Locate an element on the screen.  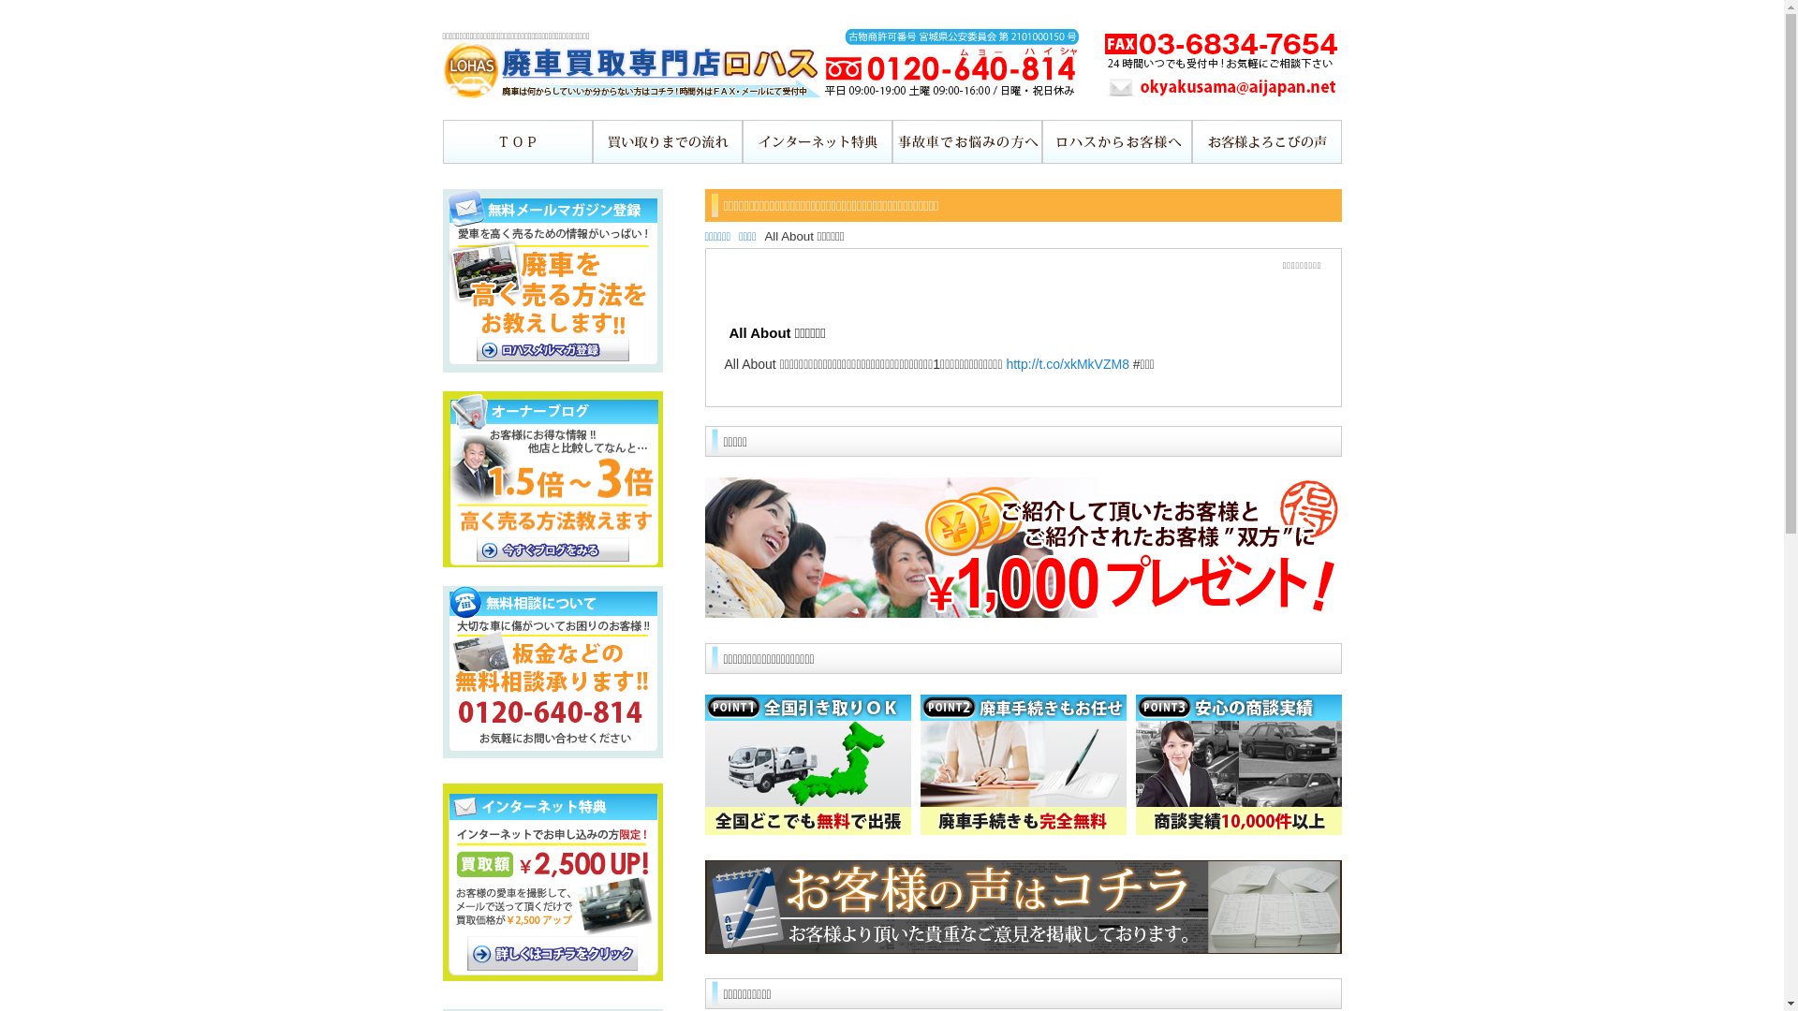
'http://t.co/xkMkVZM8' is located at coordinates (1067, 364).